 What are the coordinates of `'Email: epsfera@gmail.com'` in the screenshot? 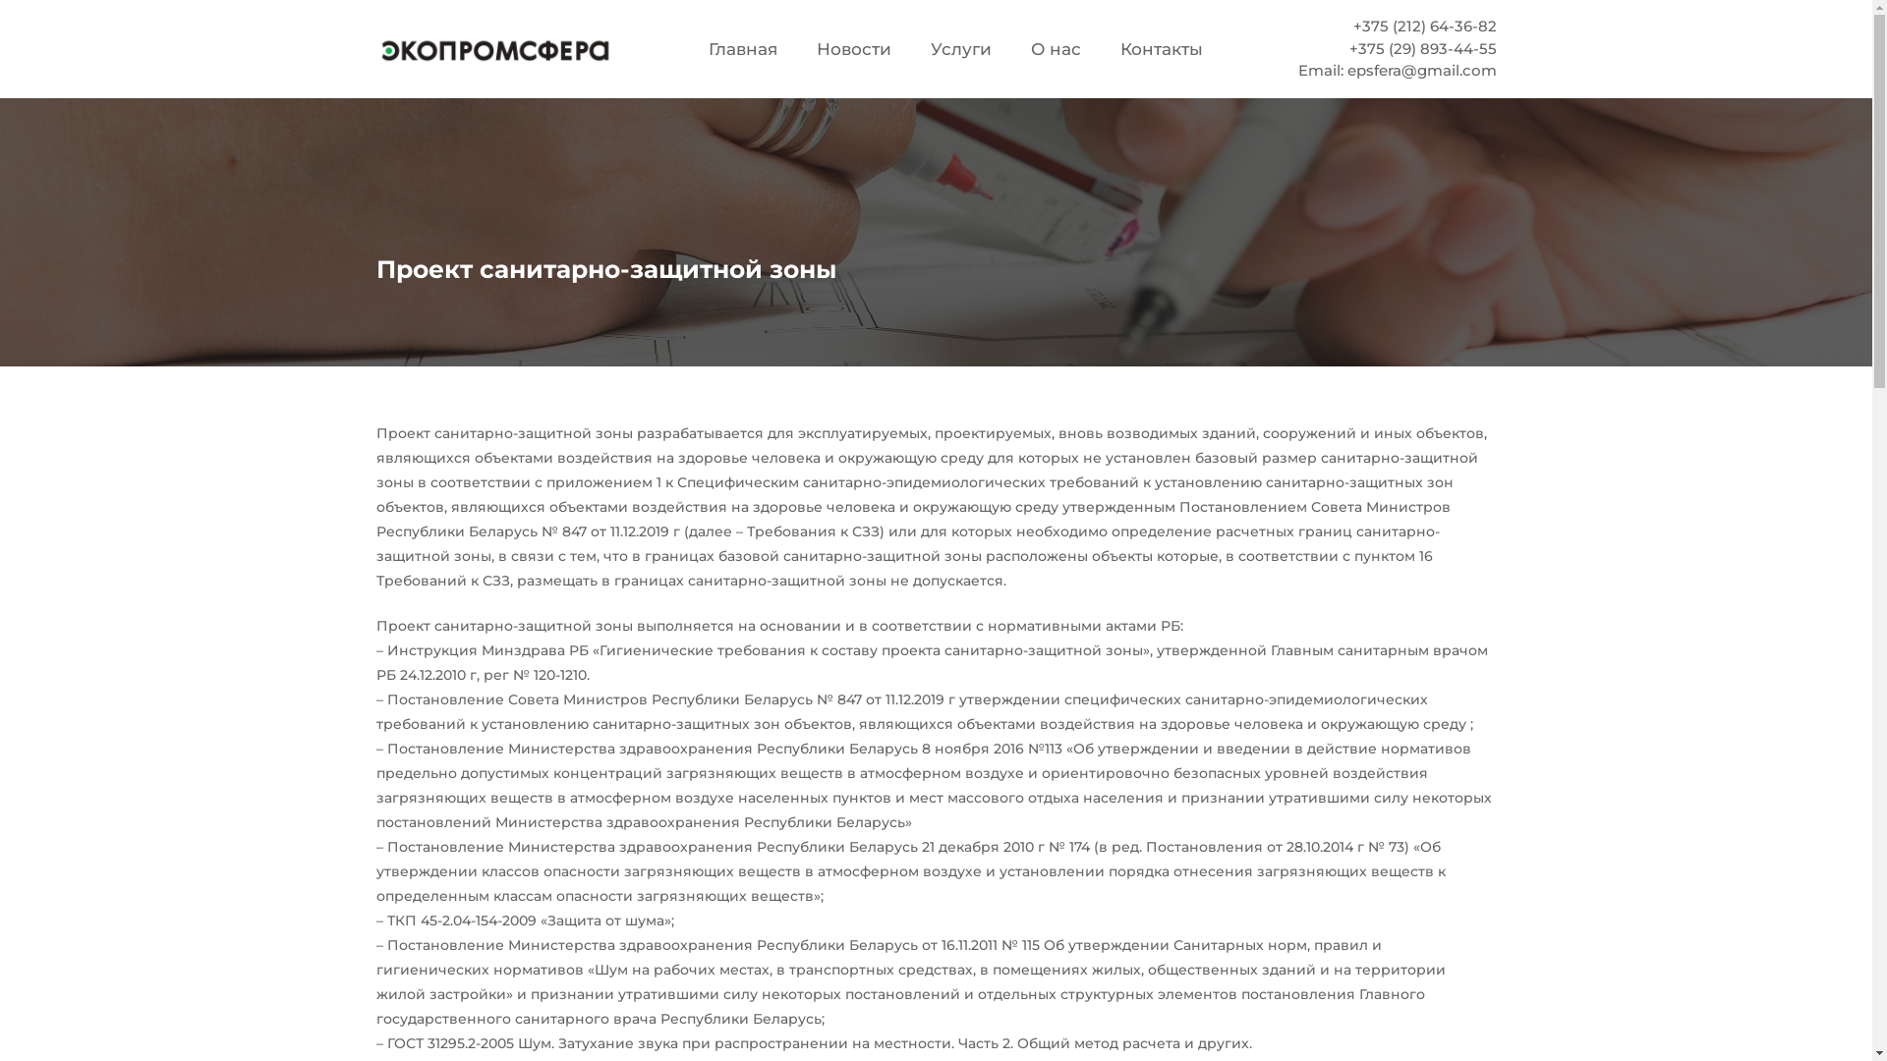 It's located at (1396, 69).